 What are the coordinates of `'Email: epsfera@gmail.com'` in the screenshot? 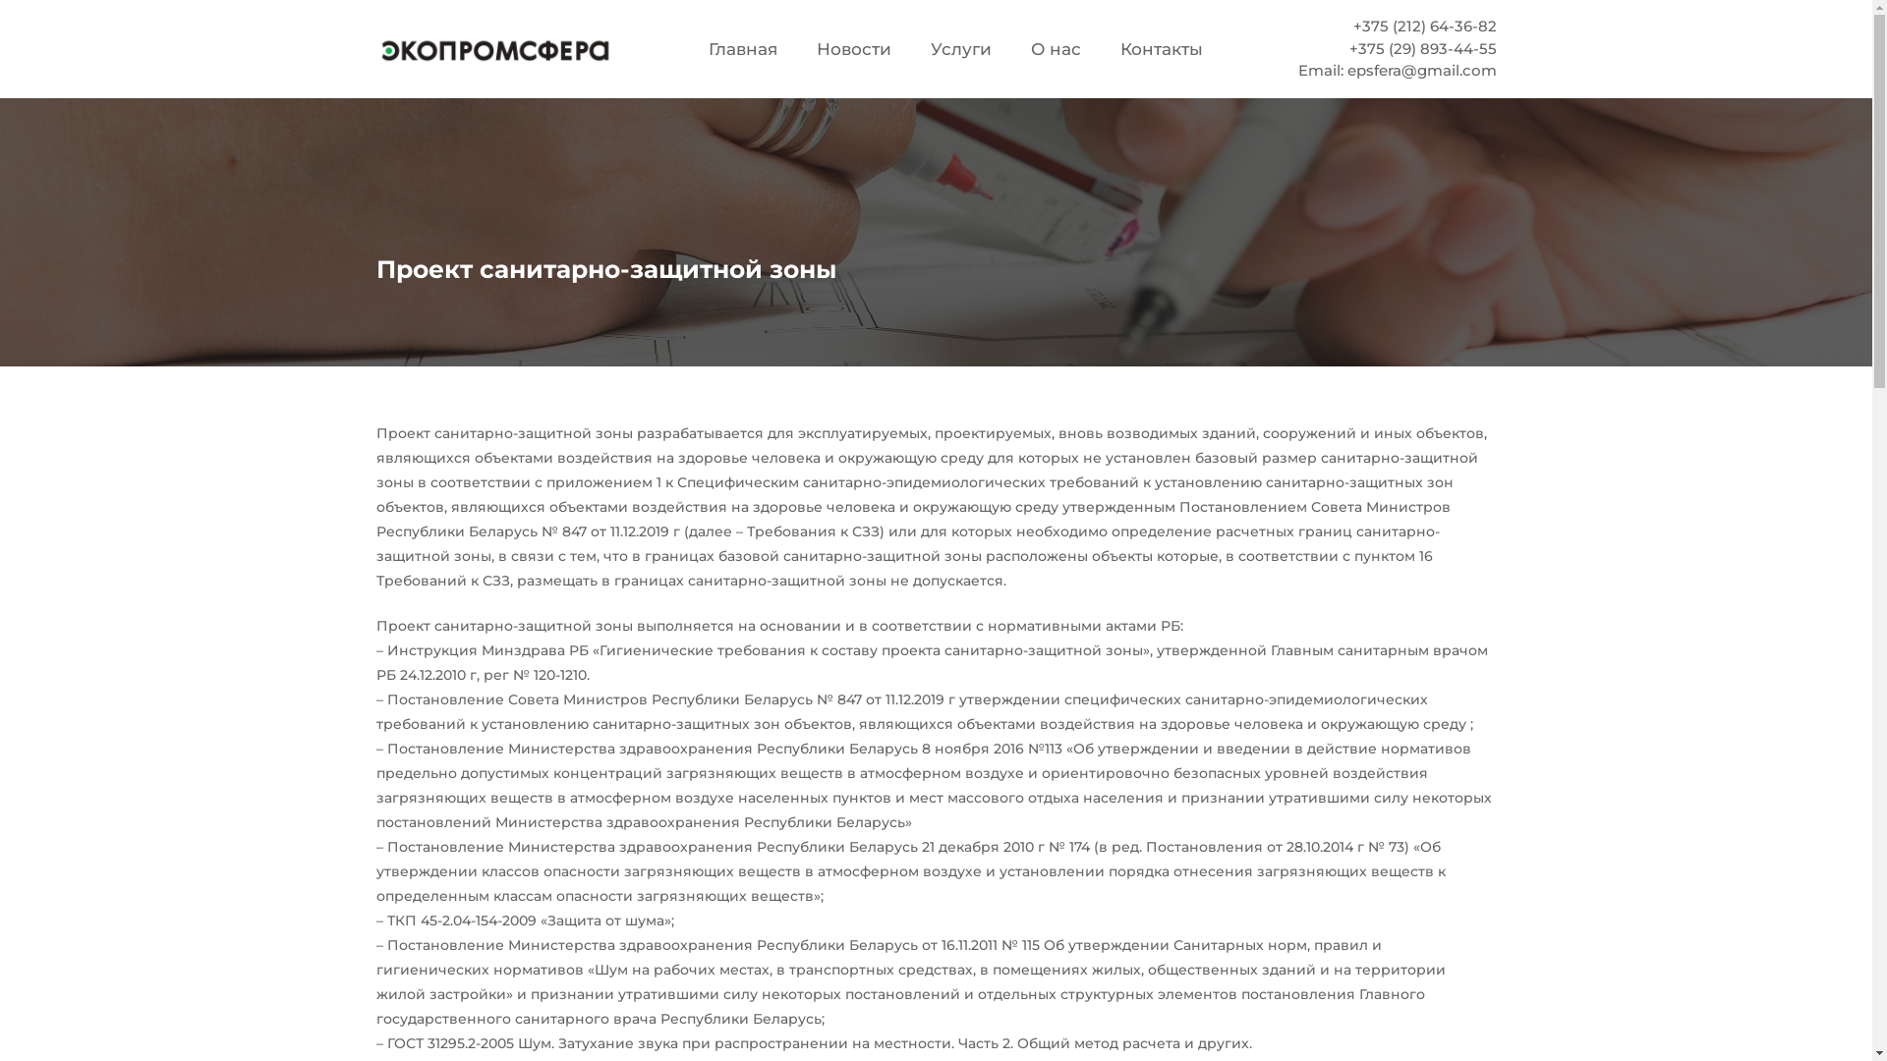 It's located at (1396, 69).